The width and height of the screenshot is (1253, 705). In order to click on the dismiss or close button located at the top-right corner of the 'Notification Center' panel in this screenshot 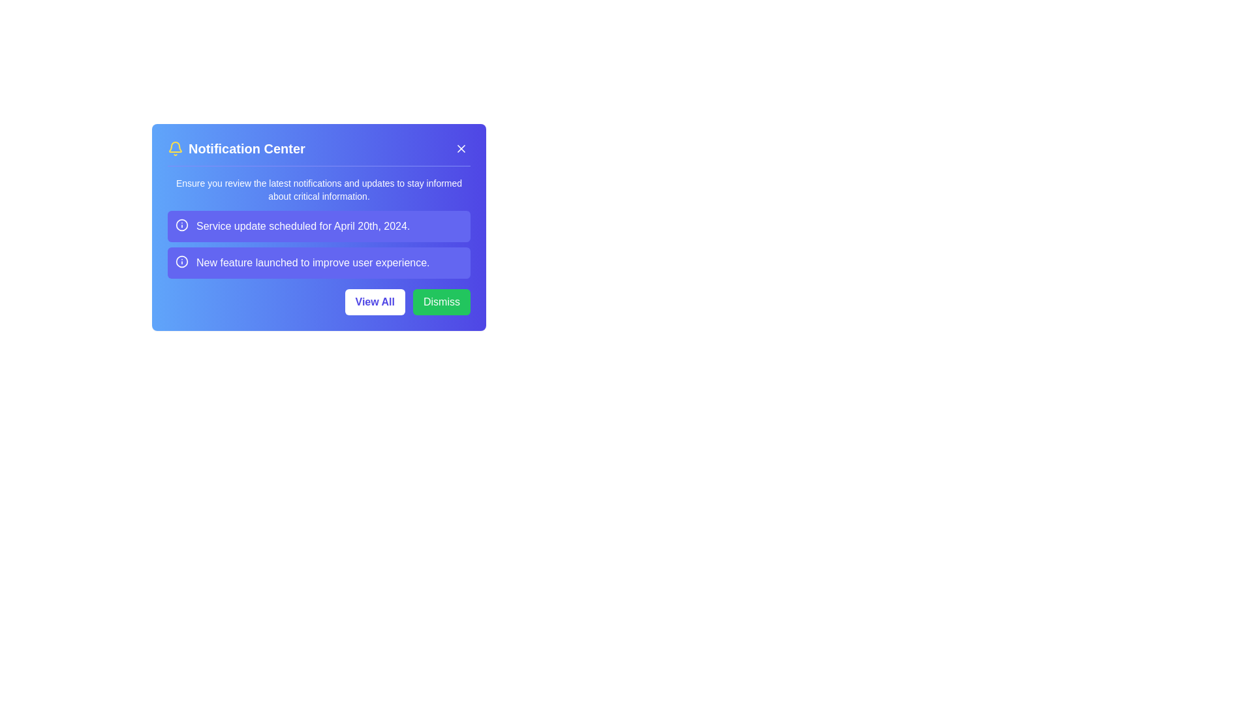, I will do `click(461, 148)`.